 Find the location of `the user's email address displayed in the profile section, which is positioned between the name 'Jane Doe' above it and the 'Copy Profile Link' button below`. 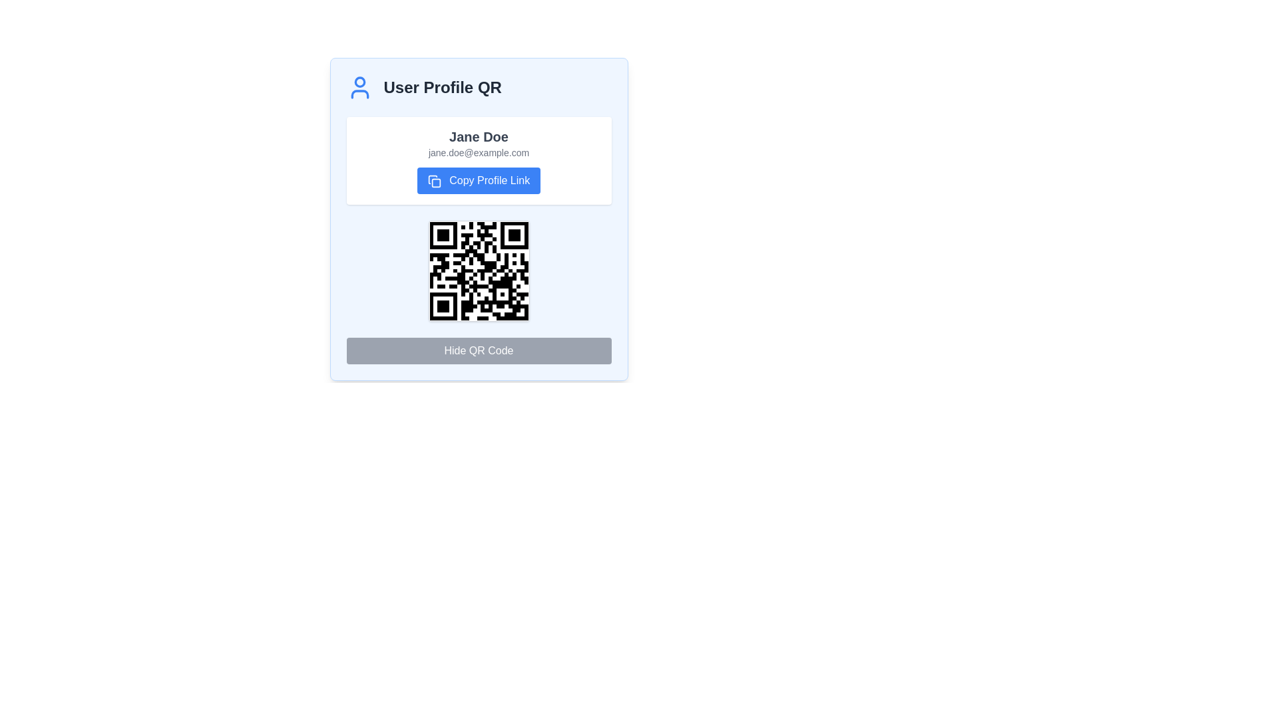

the user's email address displayed in the profile section, which is positioned between the name 'Jane Doe' above it and the 'Copy Profile Link' button below is located at coordinates (479, 152).